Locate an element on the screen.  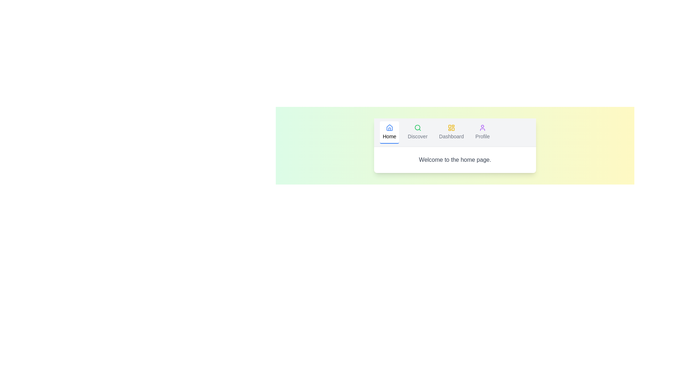
the Home tab to display its content is located at coordinates (389, 132).